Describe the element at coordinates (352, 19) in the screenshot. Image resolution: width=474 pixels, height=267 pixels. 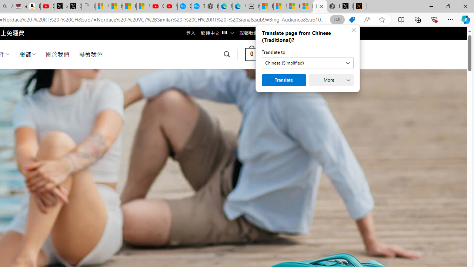
I see `'This site has coupons! Shopping in Microsoft Edge'` at that location.